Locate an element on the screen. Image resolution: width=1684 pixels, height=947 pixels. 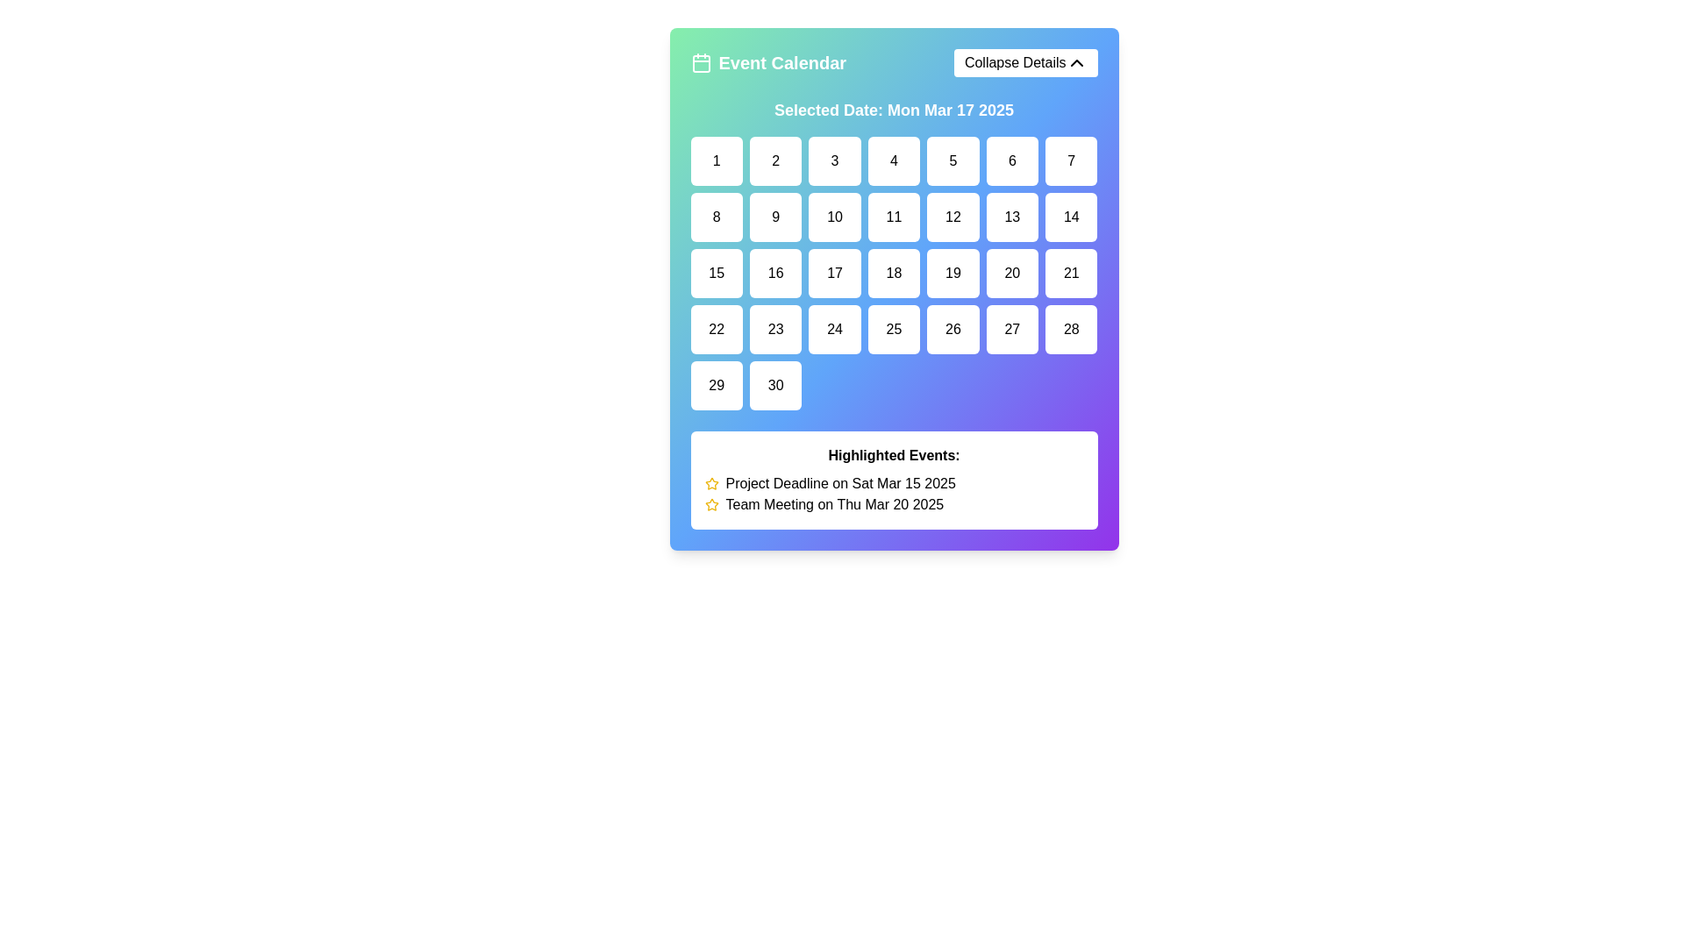
the state of the star icon that signifies the importance of the associated event 'Team Meeting on Thu Mar 20 2025' is located at coordinates (711, 504).